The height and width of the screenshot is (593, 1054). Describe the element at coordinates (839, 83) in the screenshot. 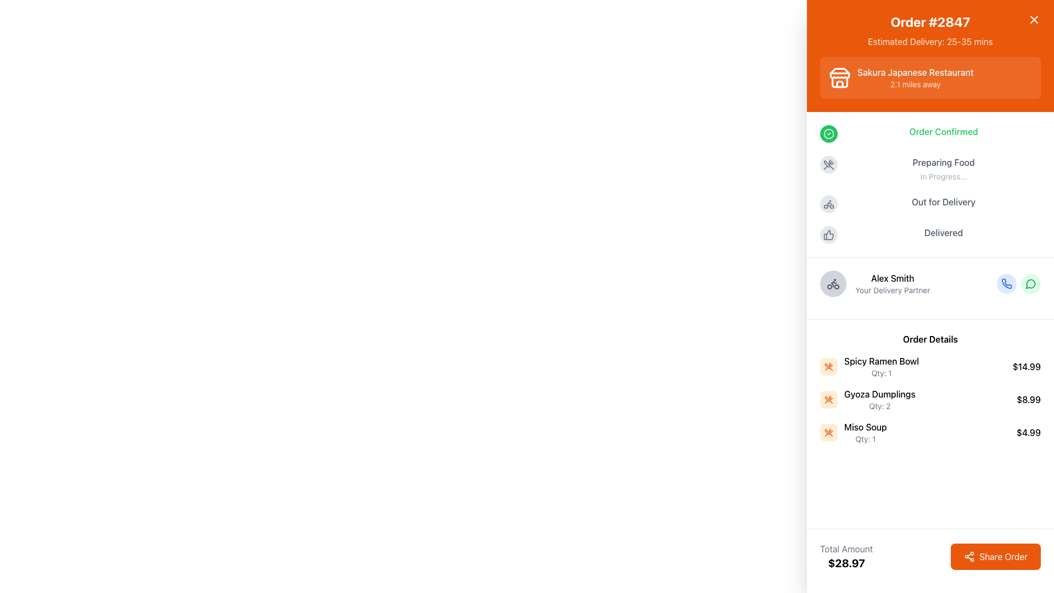

I see `the icon representing a storefront, which is visually characterized by a vertical rectangle with rounded edges at the top and an orange background, located to the left of 'Sakura Japanese Restaurant'` at that location.